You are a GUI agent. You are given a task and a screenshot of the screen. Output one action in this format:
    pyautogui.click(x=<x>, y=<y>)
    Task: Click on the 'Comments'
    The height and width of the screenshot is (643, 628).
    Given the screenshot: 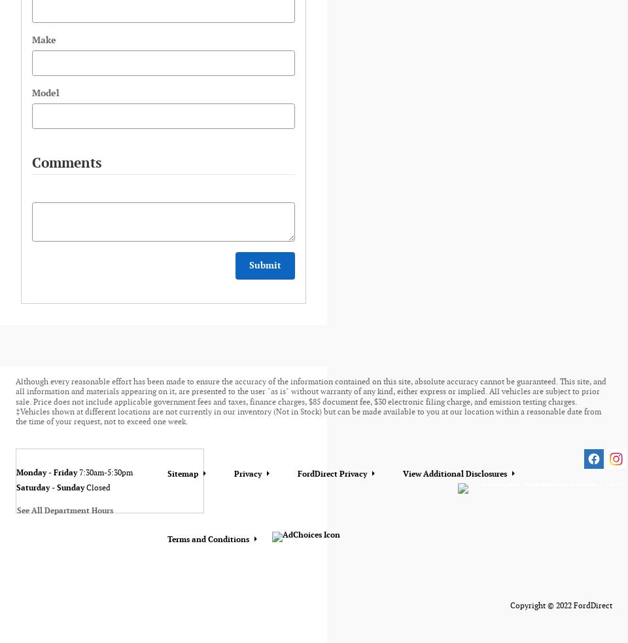 What is the action you would take?
    pyautogui.click(x=67, y=163)
    